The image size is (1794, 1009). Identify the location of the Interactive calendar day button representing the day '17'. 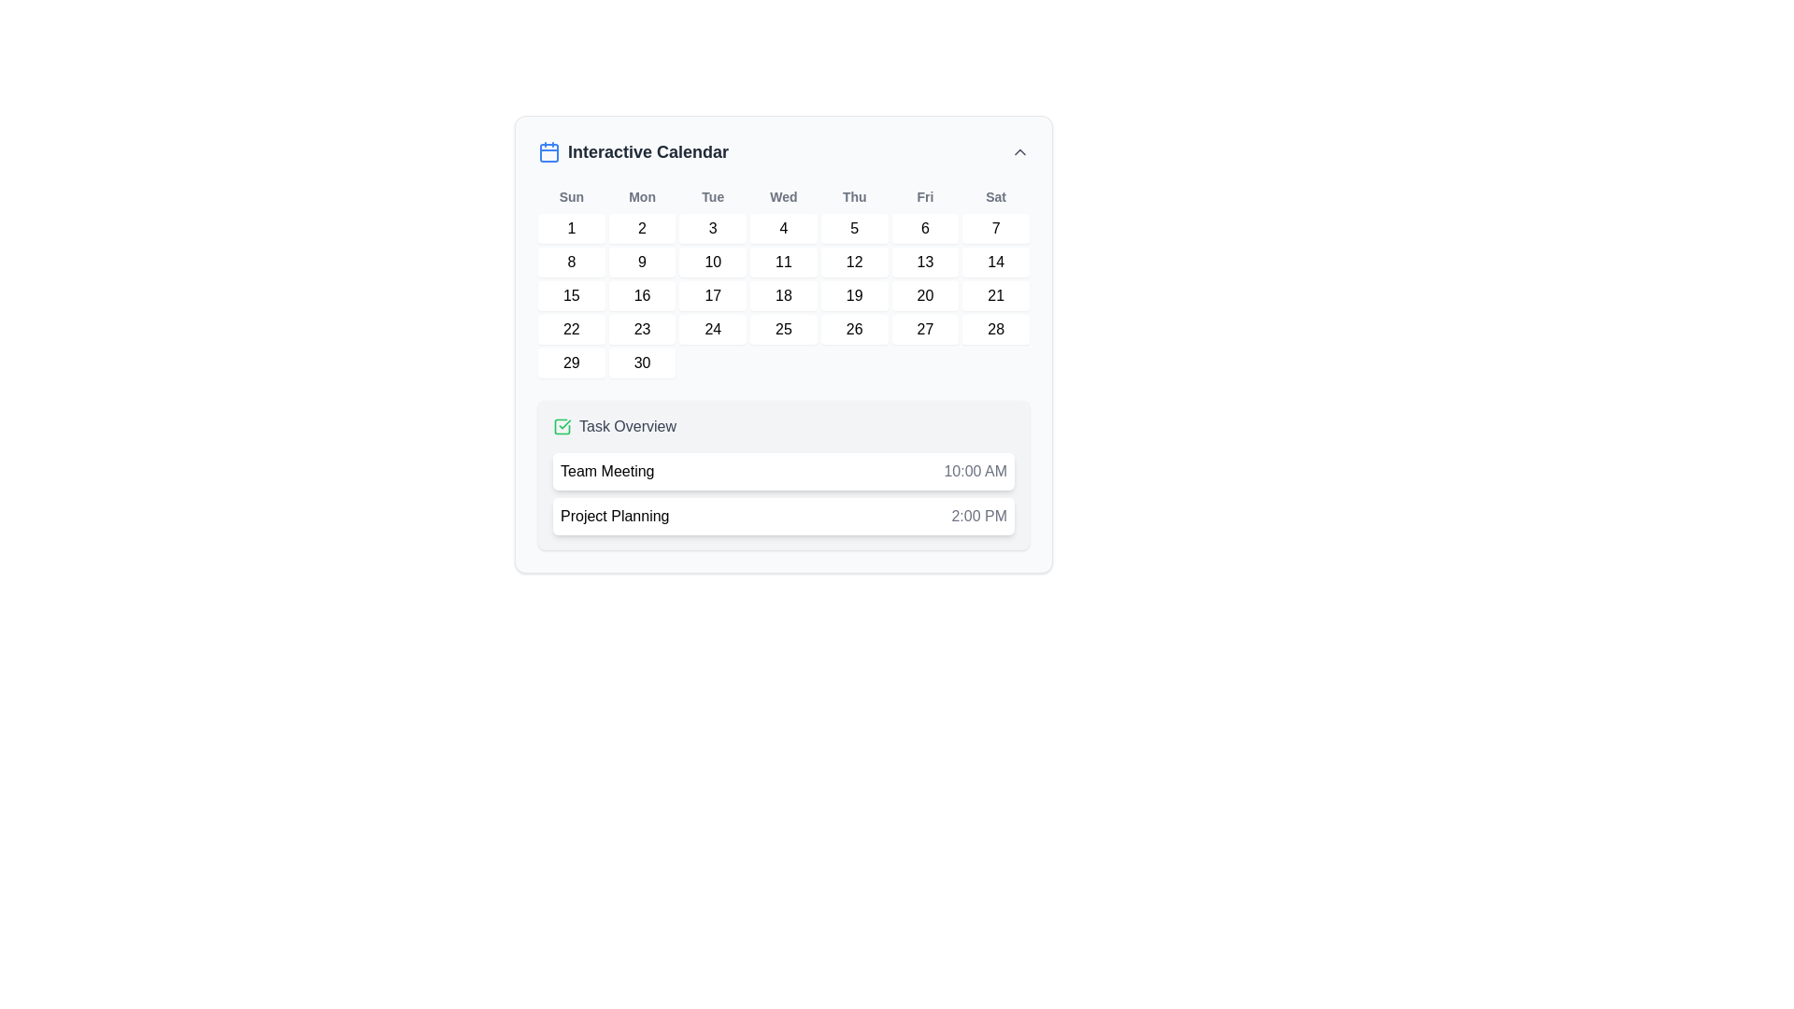
(712, 294).